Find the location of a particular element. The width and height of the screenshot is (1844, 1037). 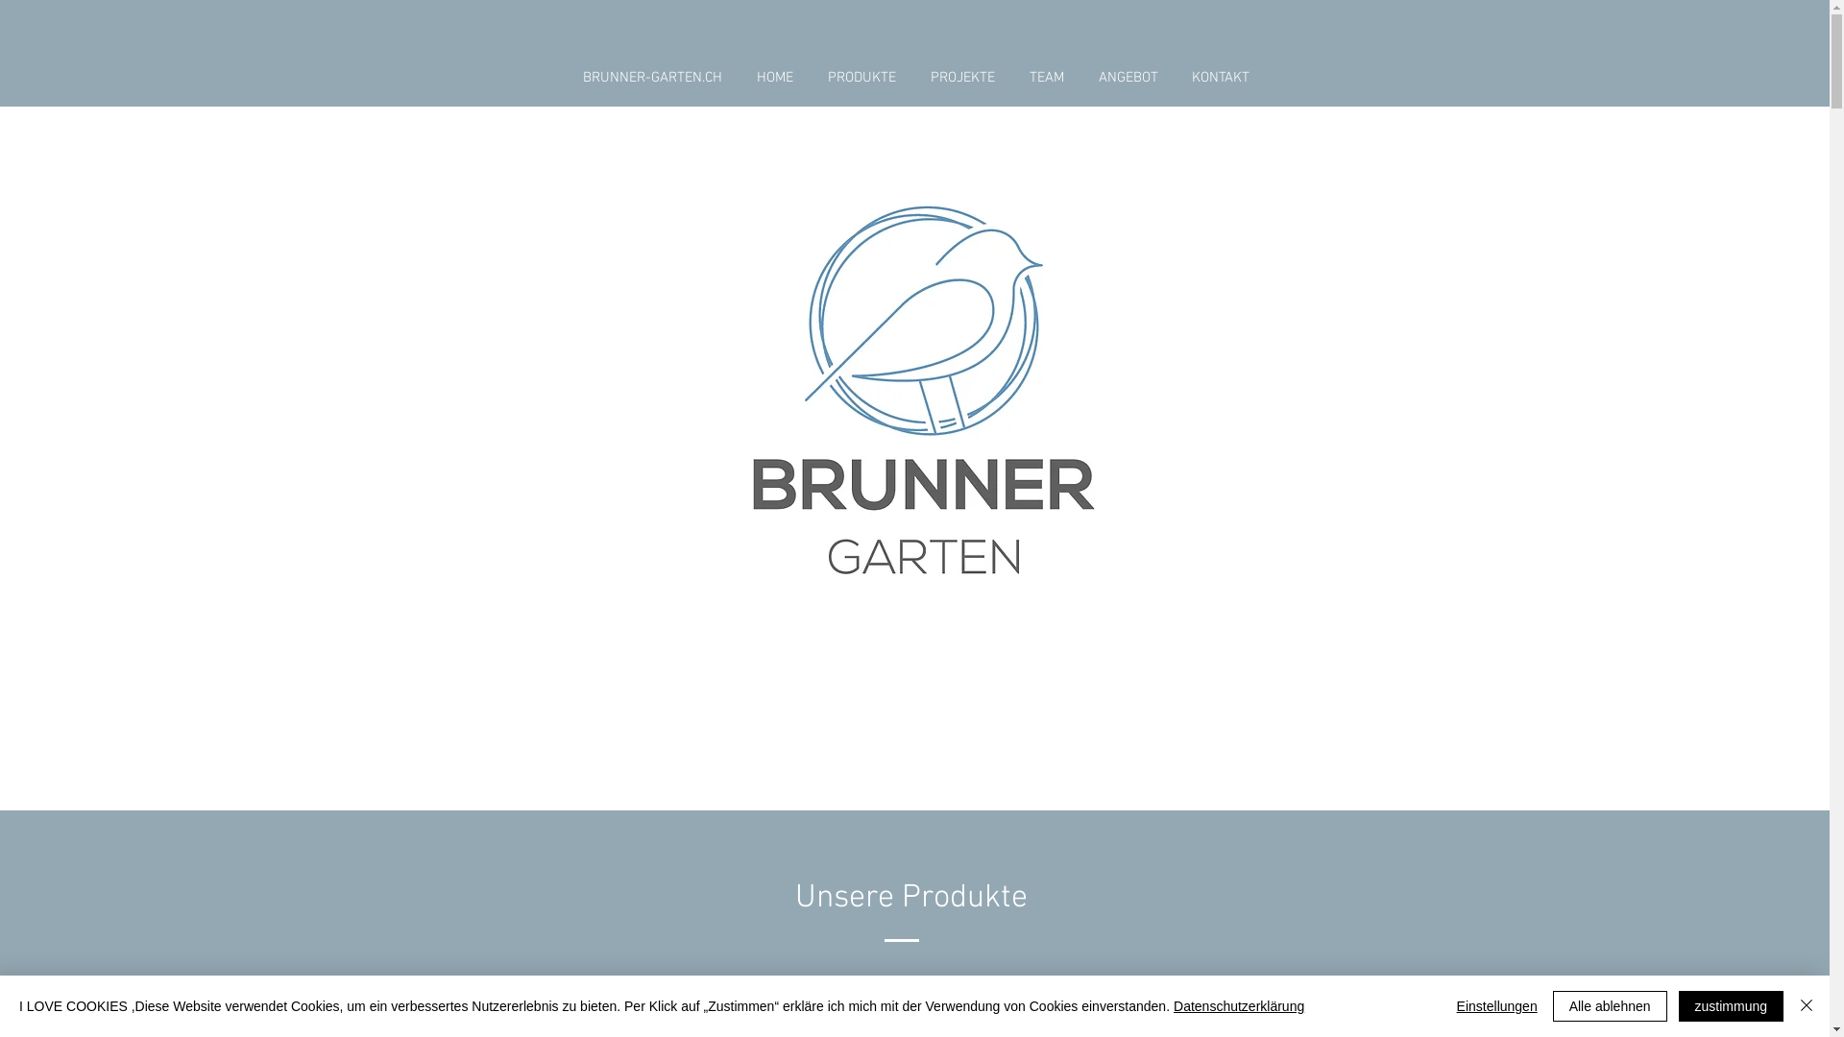

'PROJEKTE' is located at coordinates (961, 77).